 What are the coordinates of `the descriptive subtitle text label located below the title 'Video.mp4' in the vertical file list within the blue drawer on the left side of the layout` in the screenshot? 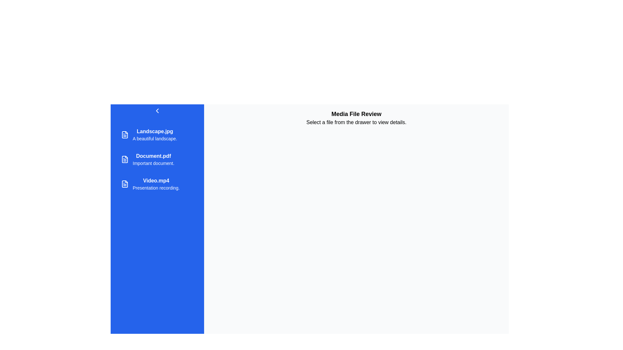 It's located at (156, 188).